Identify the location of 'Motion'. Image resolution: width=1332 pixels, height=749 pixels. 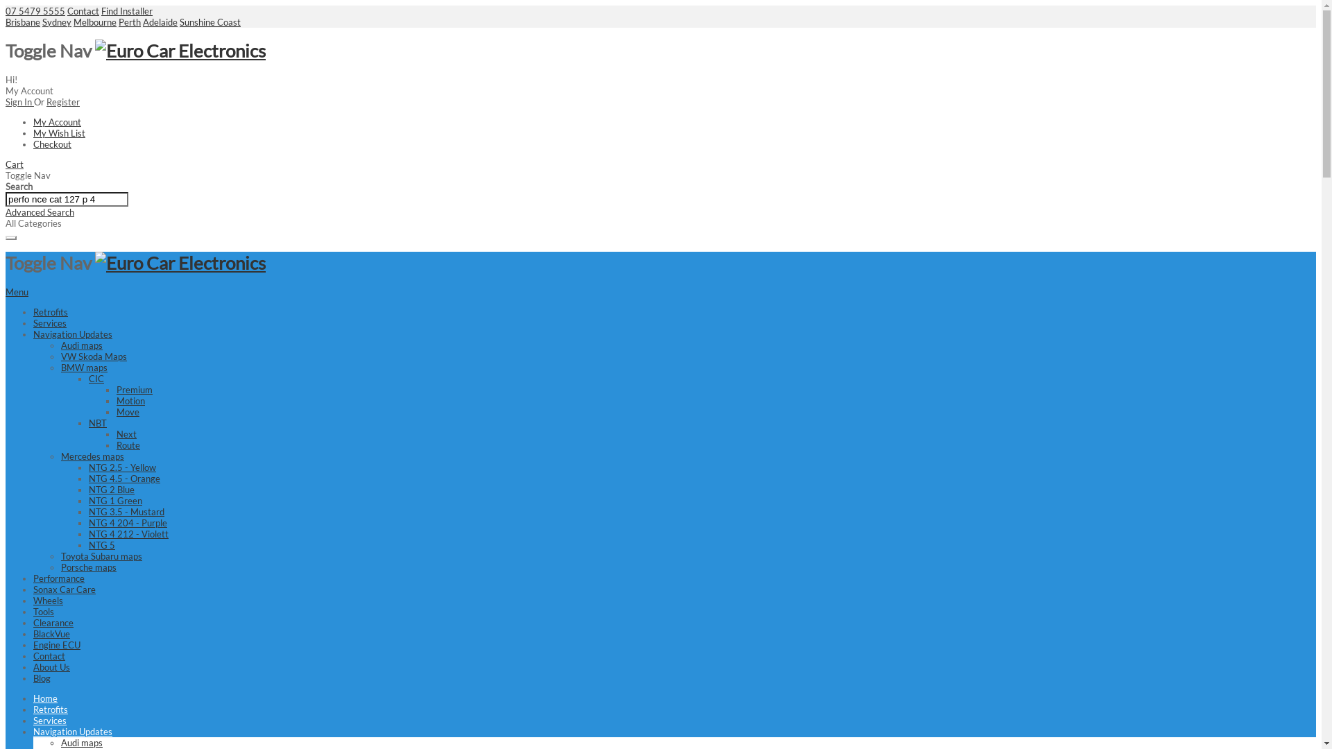
(130, 401).